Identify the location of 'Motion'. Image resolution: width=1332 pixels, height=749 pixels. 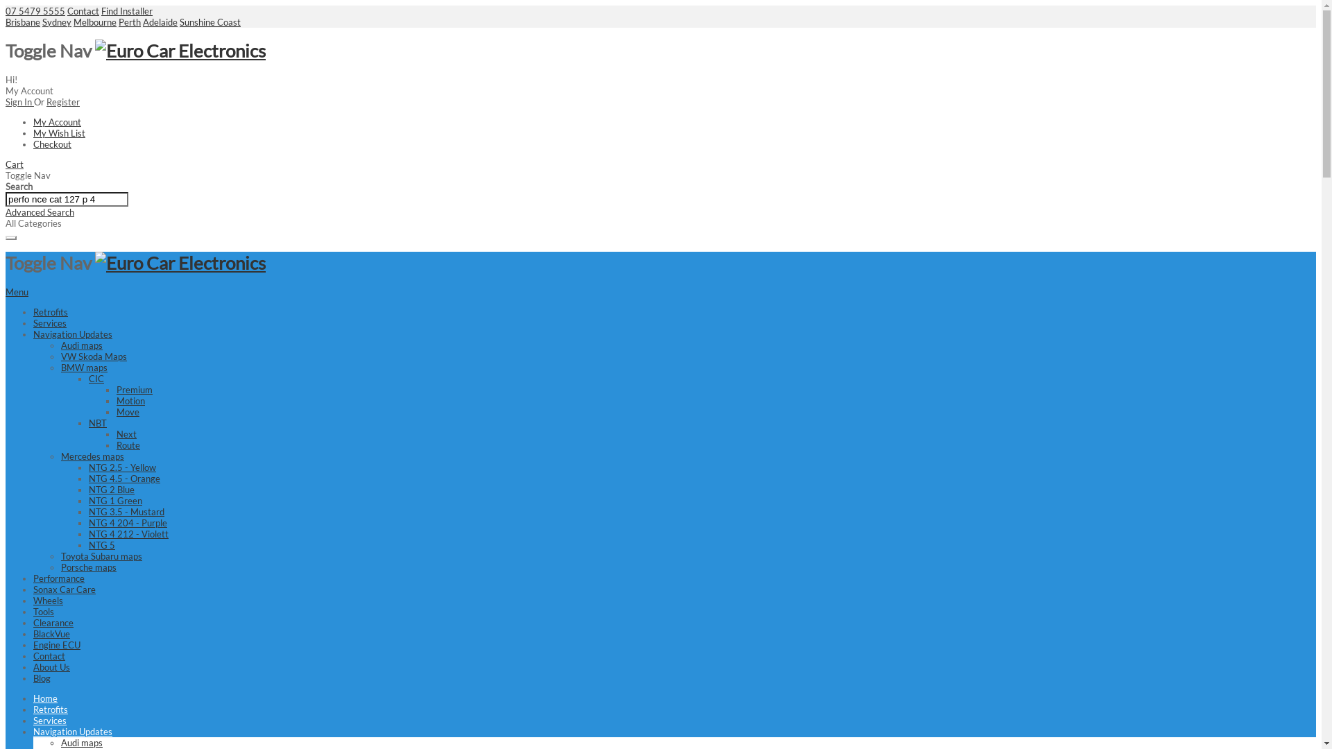
(130, 401).